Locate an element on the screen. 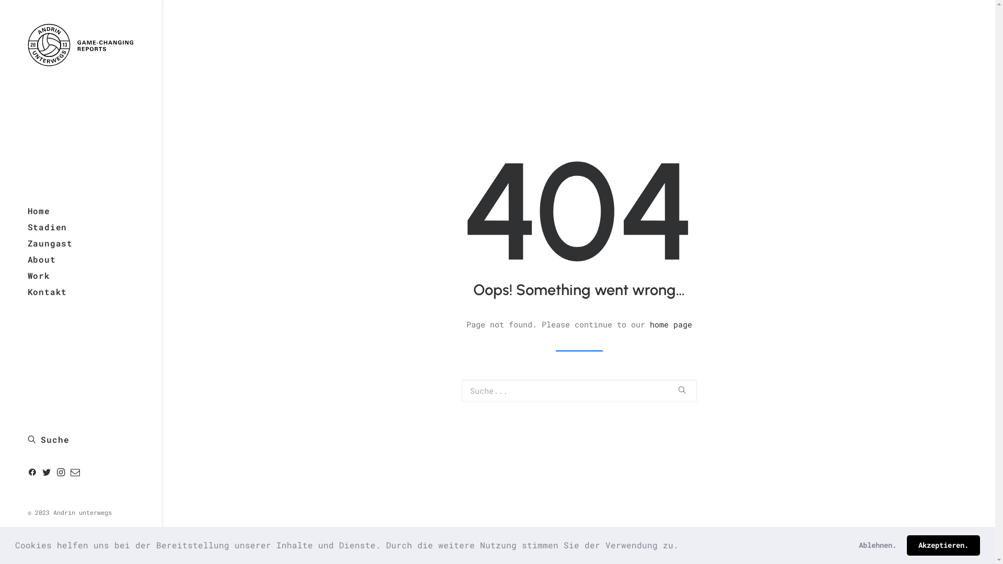  'Impressum' is located at coordinates (44, 540).